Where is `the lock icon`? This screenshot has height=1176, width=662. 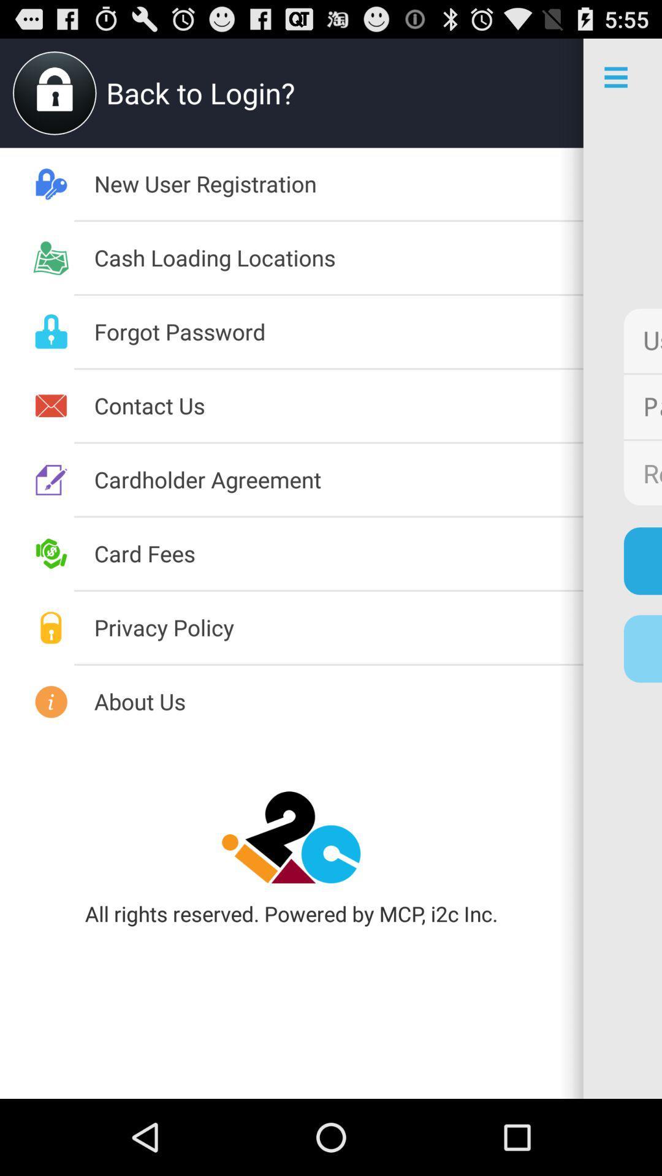 the lock icon is located at coordinates (54, 100).